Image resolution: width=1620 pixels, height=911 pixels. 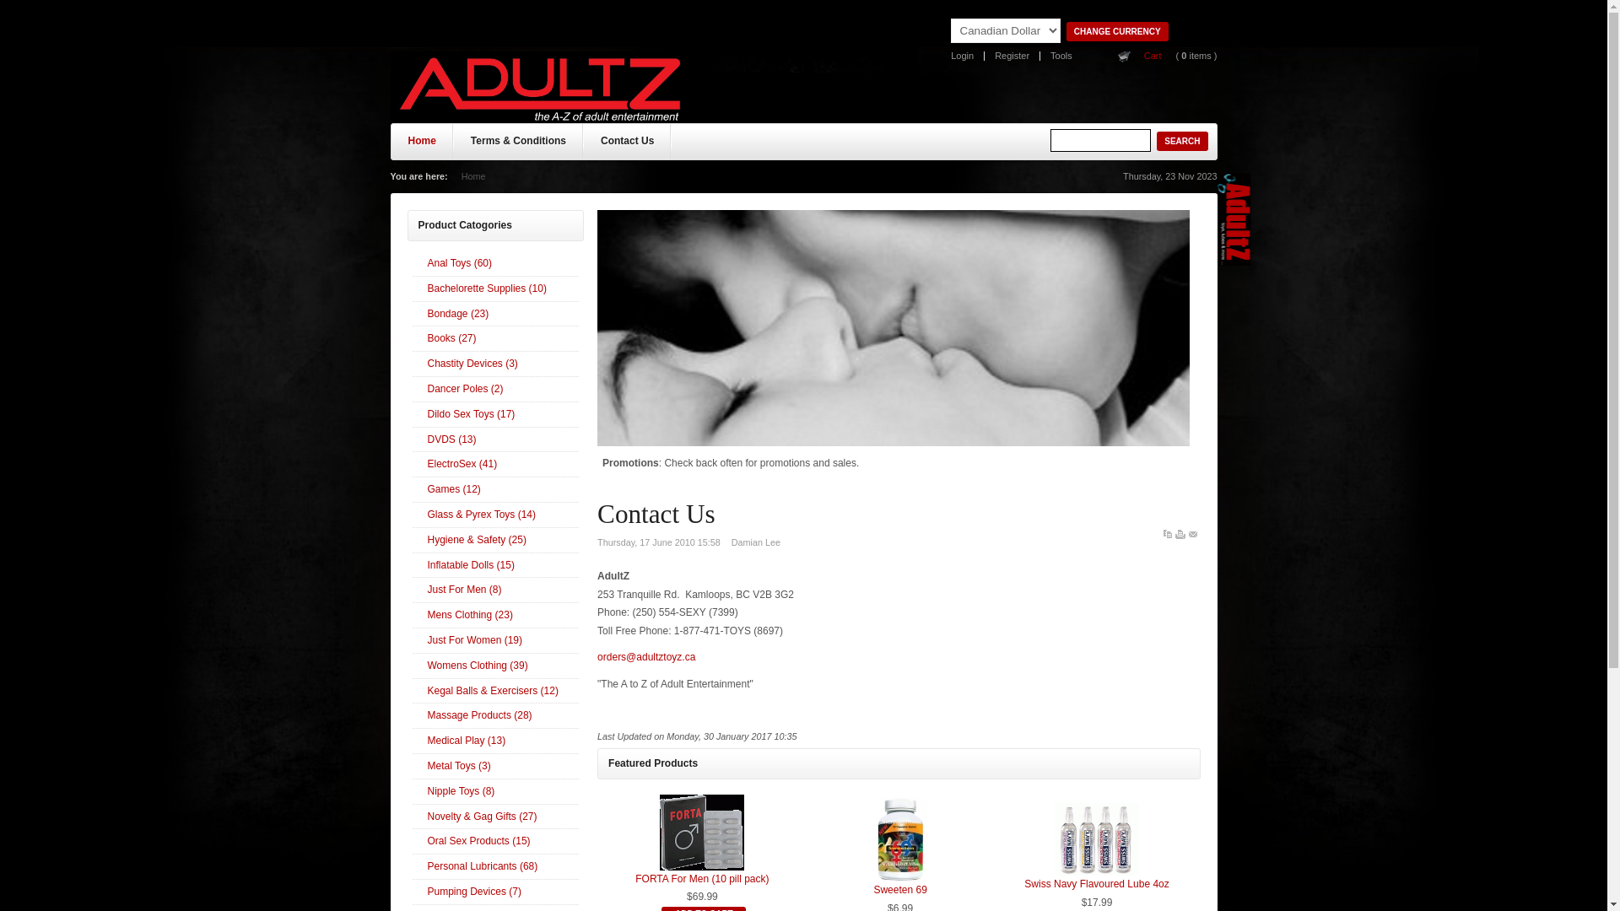 I want to click on 'Bondage (23)', so click(x=494, y=315).